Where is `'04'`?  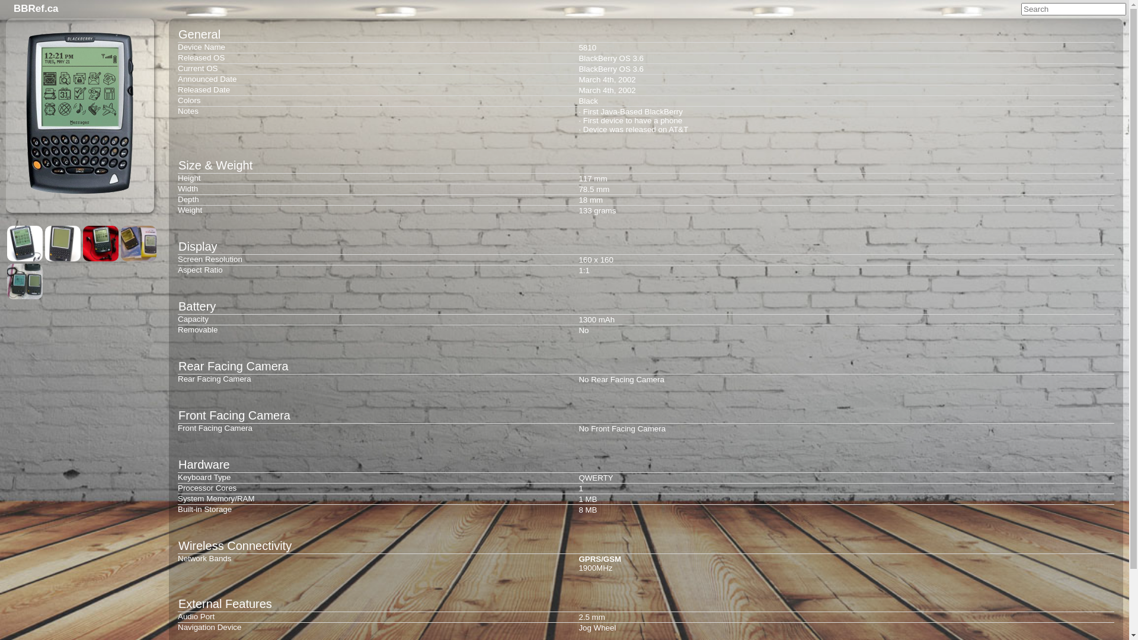
'04' is located at coordinates (139, 243).